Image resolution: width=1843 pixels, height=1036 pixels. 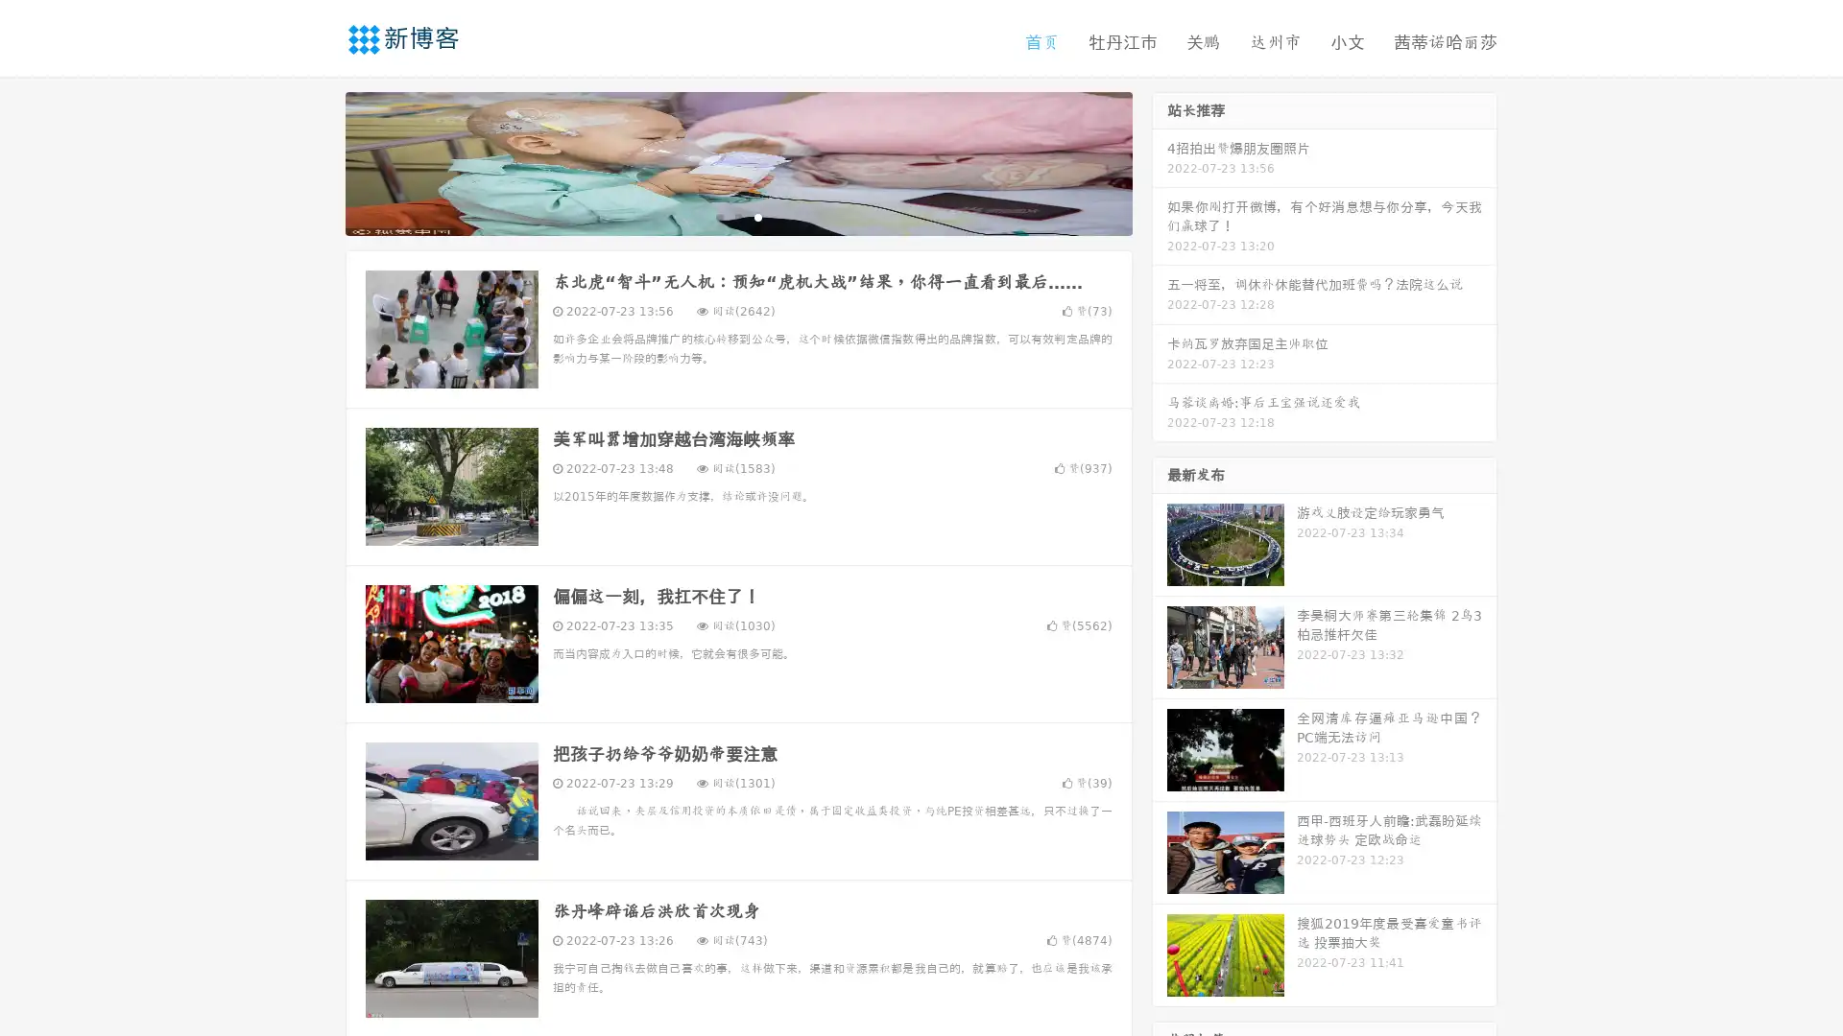 What do you see at coordinates (317, 161) in the screenshot?
I see `Previous slide` at bounding box center [317, 161].